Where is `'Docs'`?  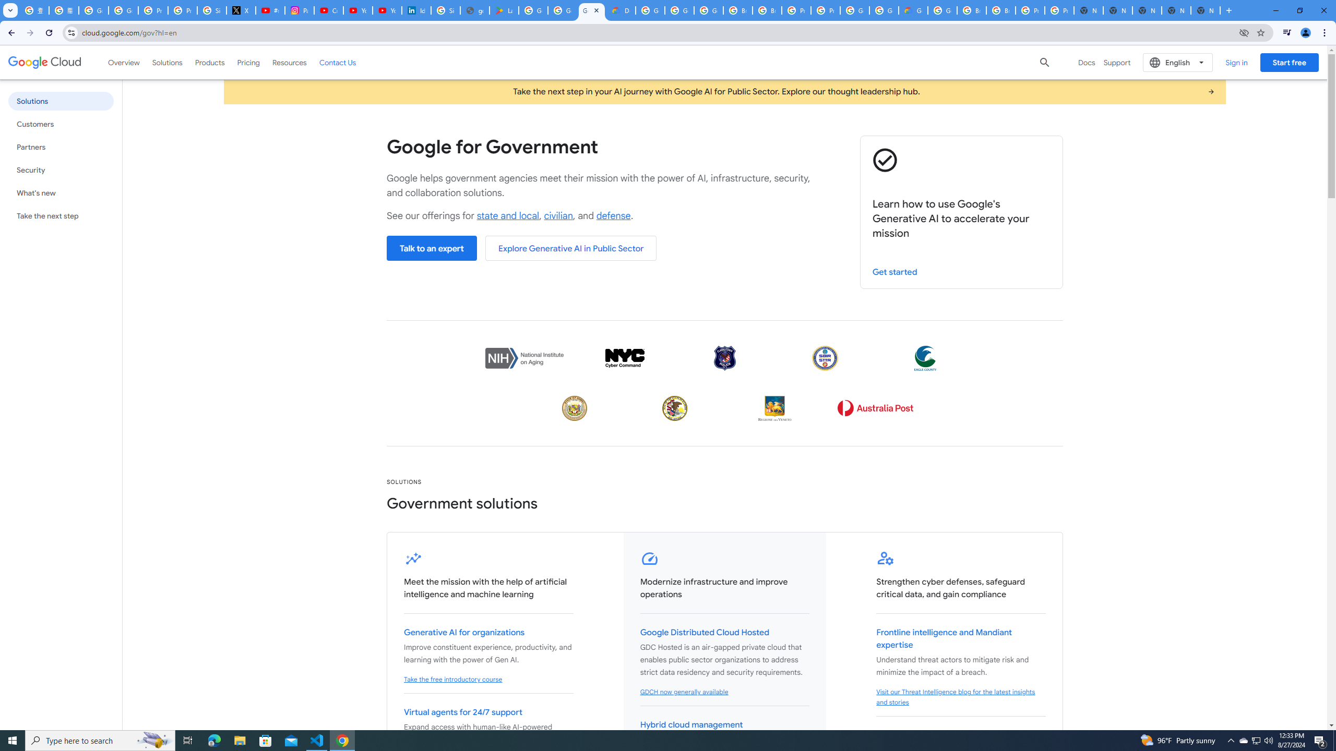 'Docs' is located at coordinates (1087, 62).